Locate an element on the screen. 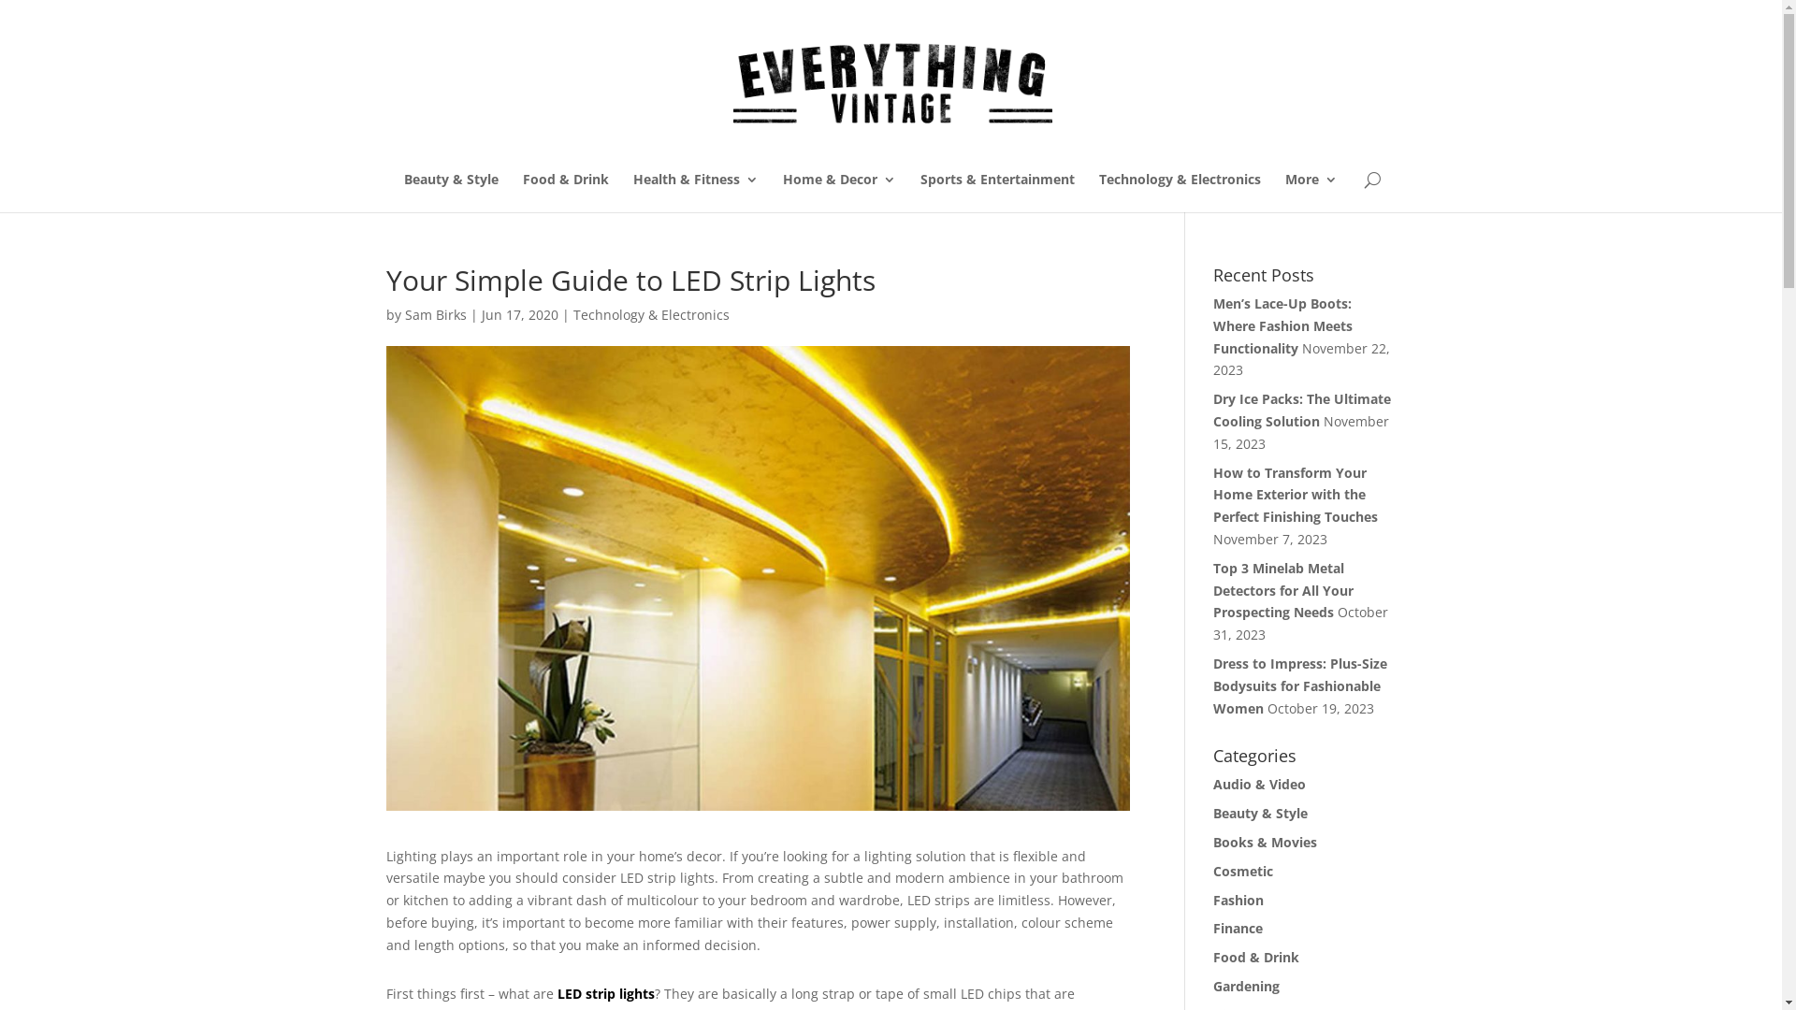 This screenshot has height=1010, width=1796. 'Beauty & Style' is located at coordinates (1260, 812).